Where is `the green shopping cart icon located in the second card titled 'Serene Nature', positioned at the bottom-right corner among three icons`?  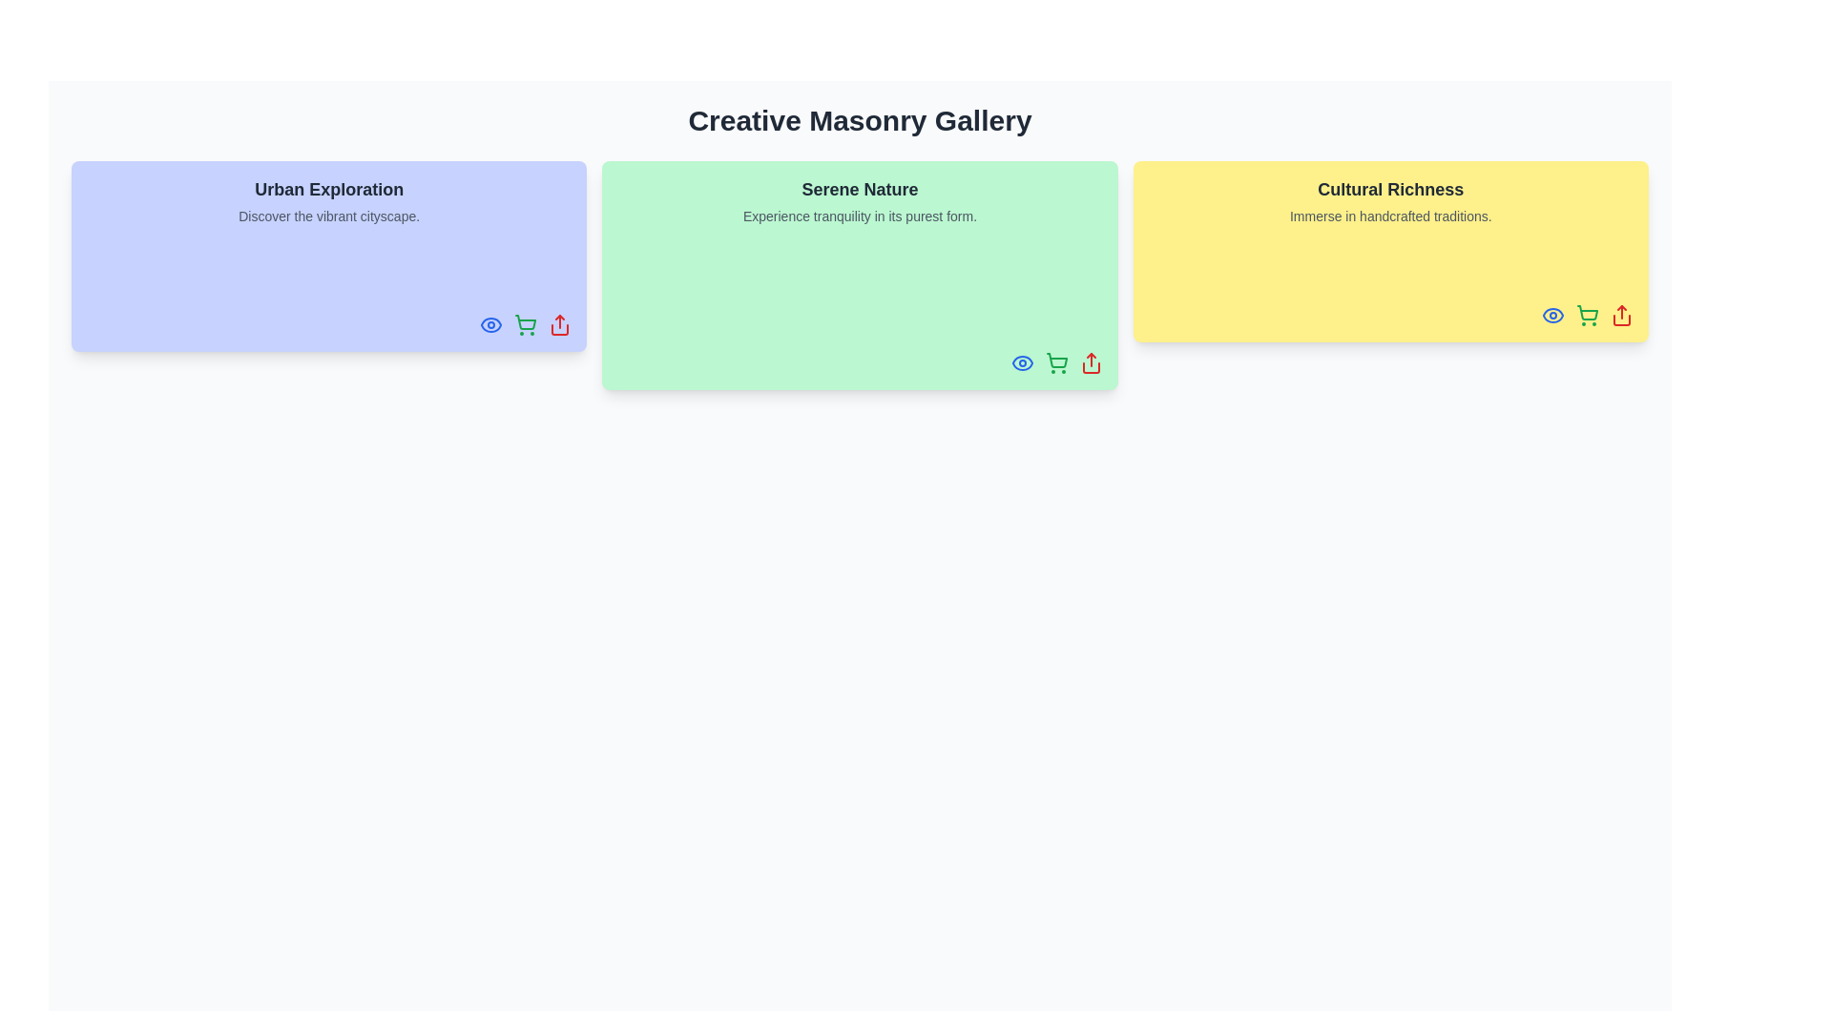 the green shopping cart icon located in the second card titled 'Serene Nature', positioned at the bottom-right corner among three icons is located at coordinates (1055, 363).